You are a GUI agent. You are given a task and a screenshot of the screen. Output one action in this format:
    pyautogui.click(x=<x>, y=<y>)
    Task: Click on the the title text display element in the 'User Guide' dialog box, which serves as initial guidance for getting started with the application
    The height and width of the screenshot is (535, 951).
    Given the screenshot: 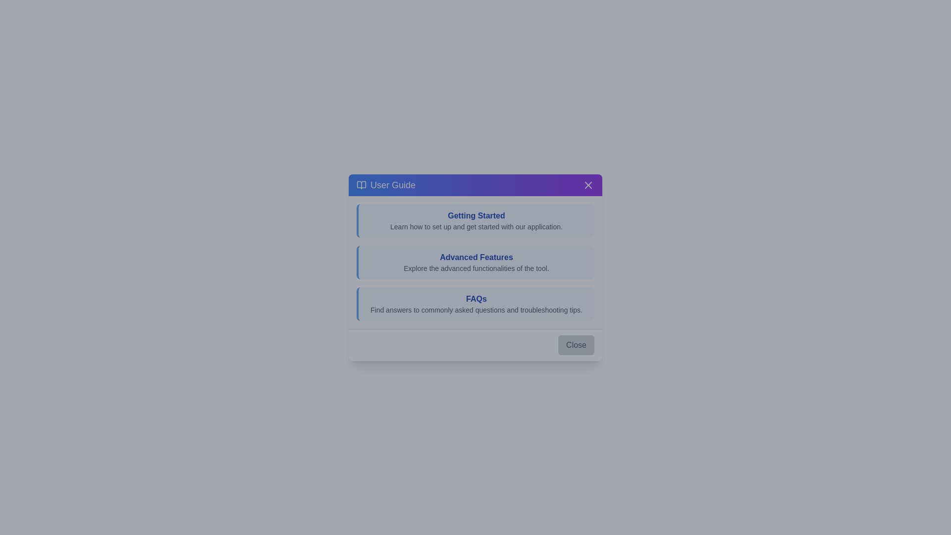 What is the action you would take?
    pyautogui.click(x=476, y=215)
    